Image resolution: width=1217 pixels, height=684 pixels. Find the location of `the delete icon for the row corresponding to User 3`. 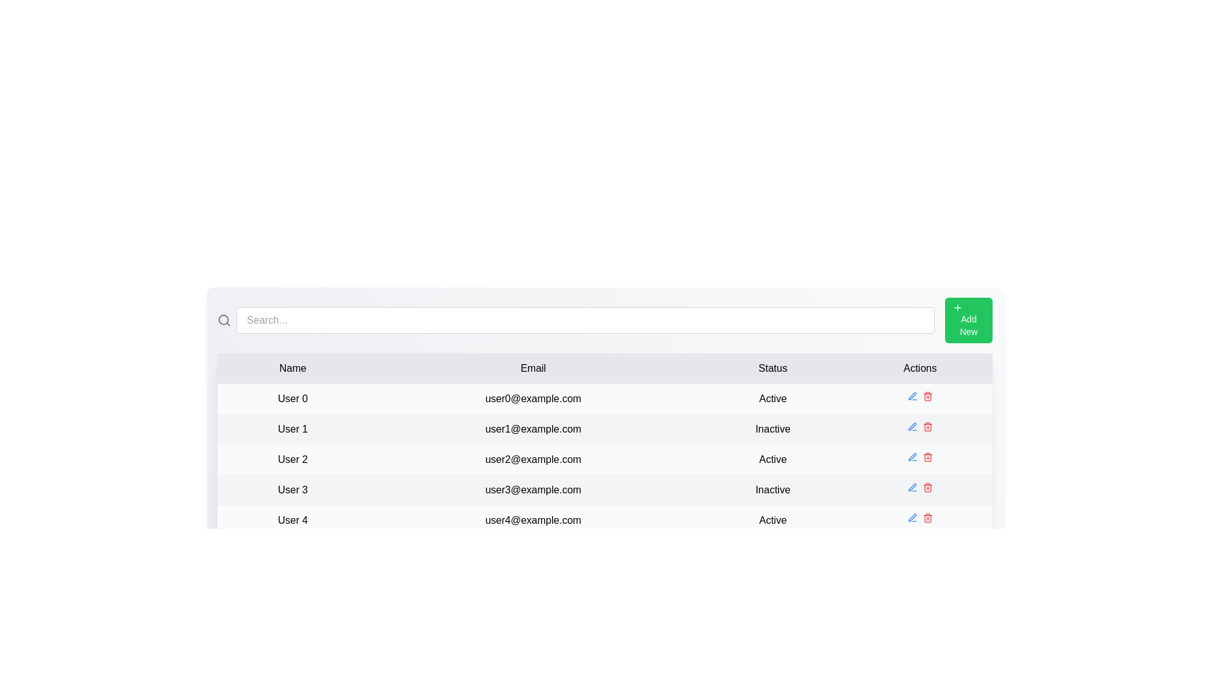

the delete icon for the row corresponding to User 3 is located at coordinates (927, 487).